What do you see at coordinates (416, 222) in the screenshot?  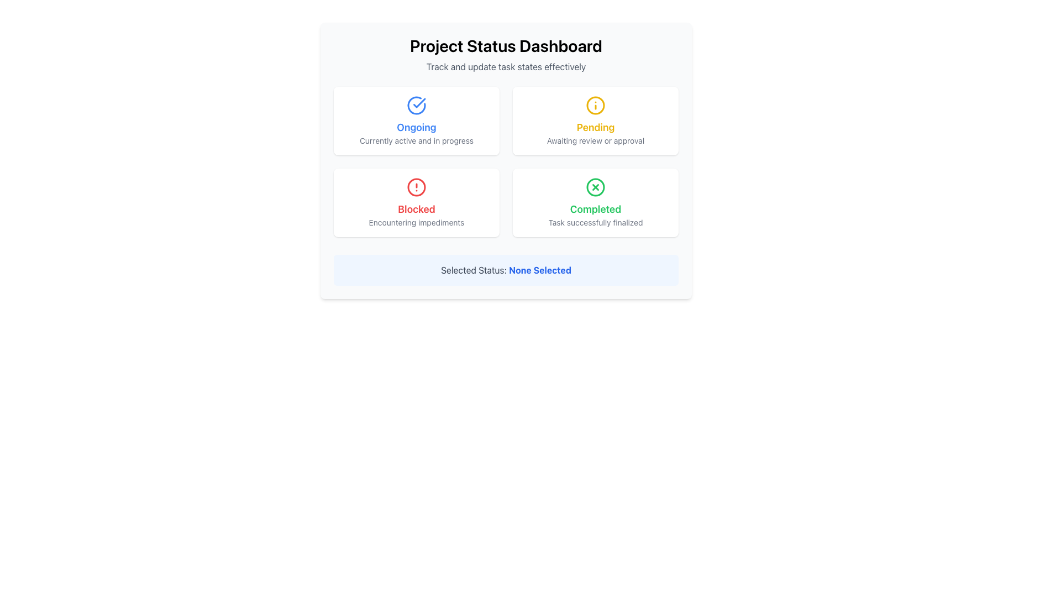 I see `the label that provides additional context for the state 'Blocked', located below the 'Blocked' title in the lower-left quadrant of the grid layout` at bounding box center [416, 222].